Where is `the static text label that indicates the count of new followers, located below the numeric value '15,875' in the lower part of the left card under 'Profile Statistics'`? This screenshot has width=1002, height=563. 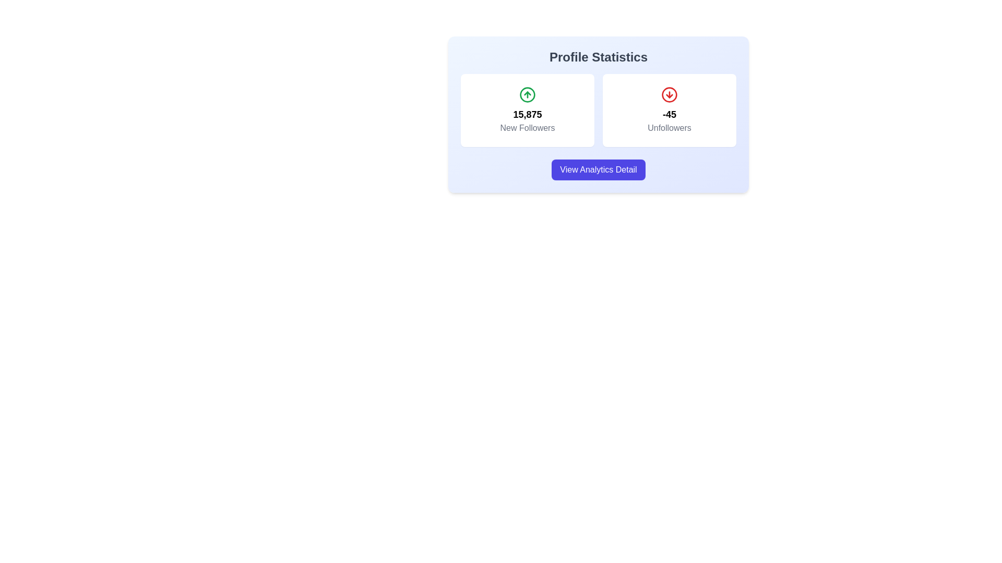
the static text label that indicates the count of new followers, located below the numeric value '15,875' in the lower part of the left card under 'Profile Statistics' is located at coordinates (528, 128).